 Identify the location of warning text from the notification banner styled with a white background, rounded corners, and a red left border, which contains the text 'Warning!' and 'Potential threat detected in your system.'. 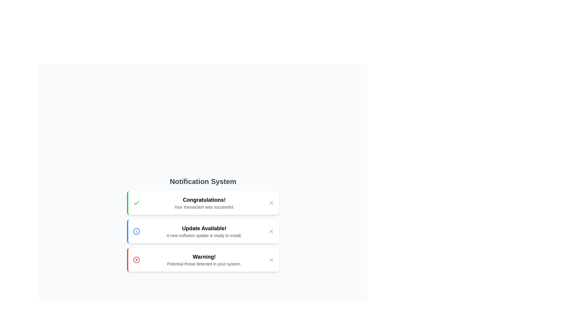
(203, 259).